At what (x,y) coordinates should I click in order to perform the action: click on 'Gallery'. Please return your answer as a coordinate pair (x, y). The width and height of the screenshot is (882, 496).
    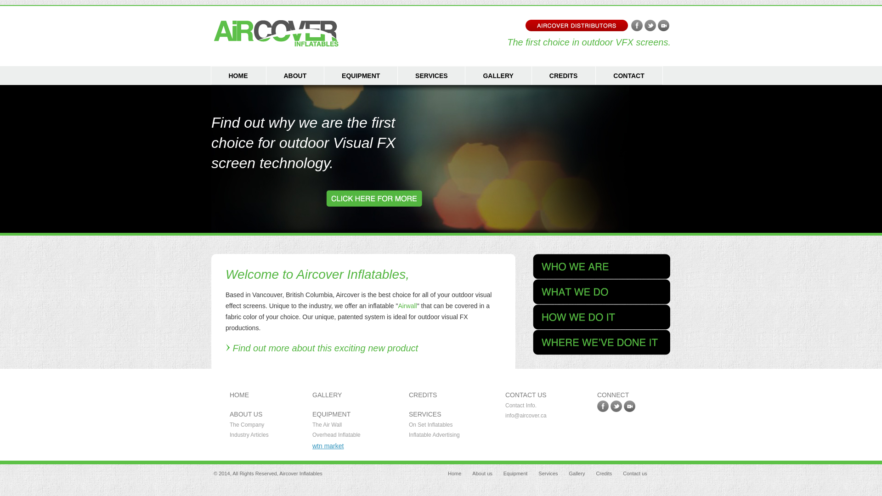
    Looking at the image, I should click on (574, 473).